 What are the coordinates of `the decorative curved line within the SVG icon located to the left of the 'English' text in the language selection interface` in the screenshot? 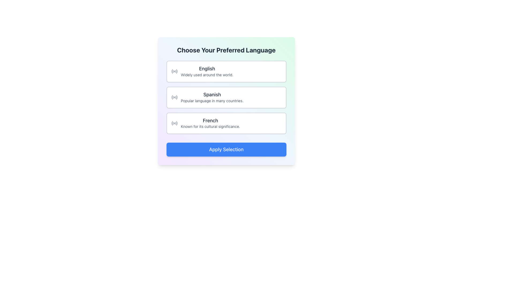 It's located at (173, 71).